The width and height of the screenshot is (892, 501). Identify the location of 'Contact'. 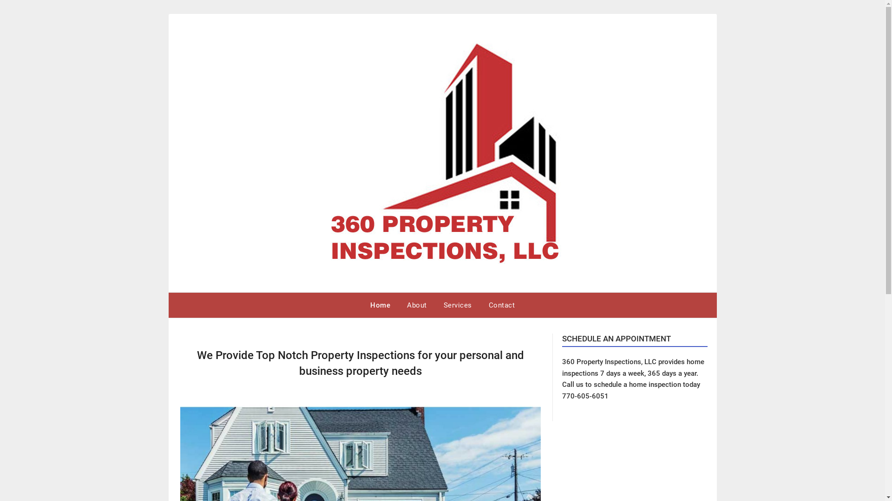
(501, 305).